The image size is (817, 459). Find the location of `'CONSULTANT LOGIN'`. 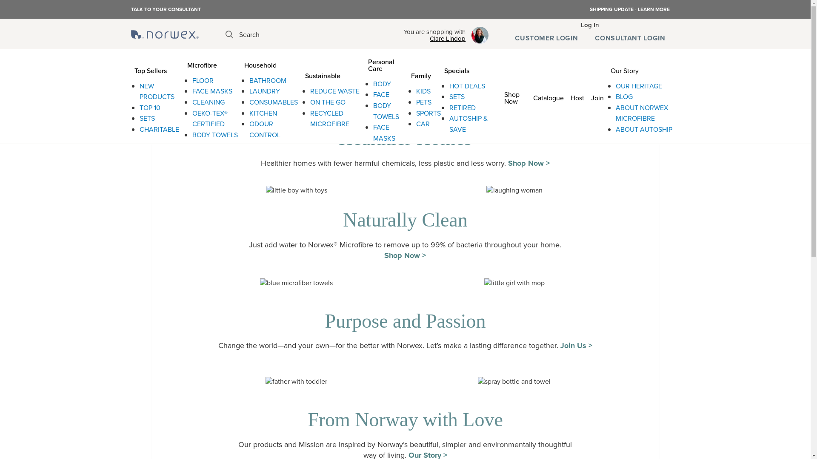

'CONSULTANT LOGIN' is located at coordinates (586, 37).